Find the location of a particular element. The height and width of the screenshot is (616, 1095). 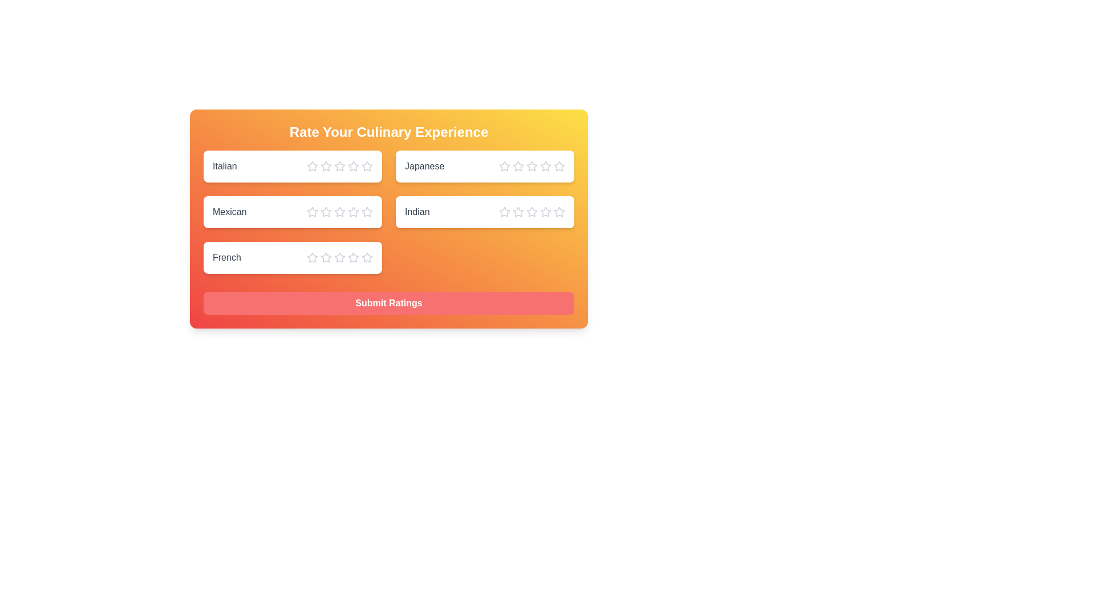

the star corresponding to the rating 2 for the cuisine Indian is located at coordinates (517, 212).